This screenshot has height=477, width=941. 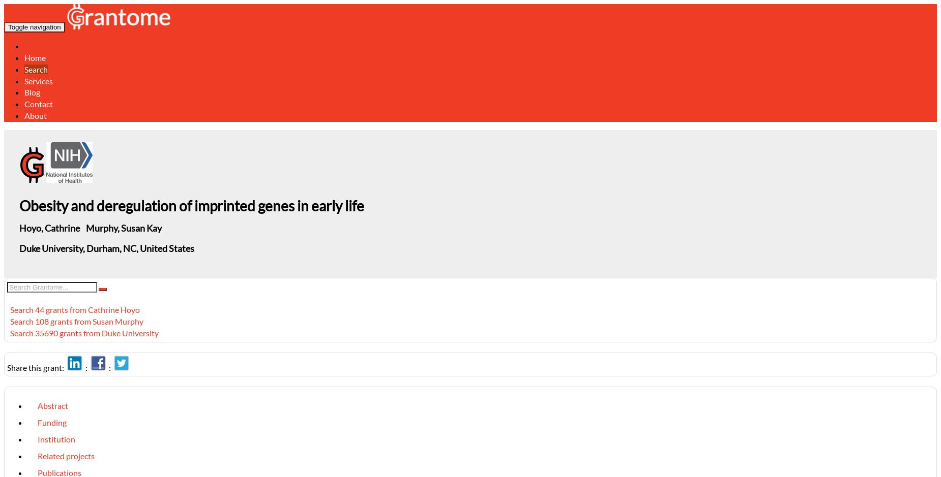 I want to click on 'Services', so click(x=38, y=80).